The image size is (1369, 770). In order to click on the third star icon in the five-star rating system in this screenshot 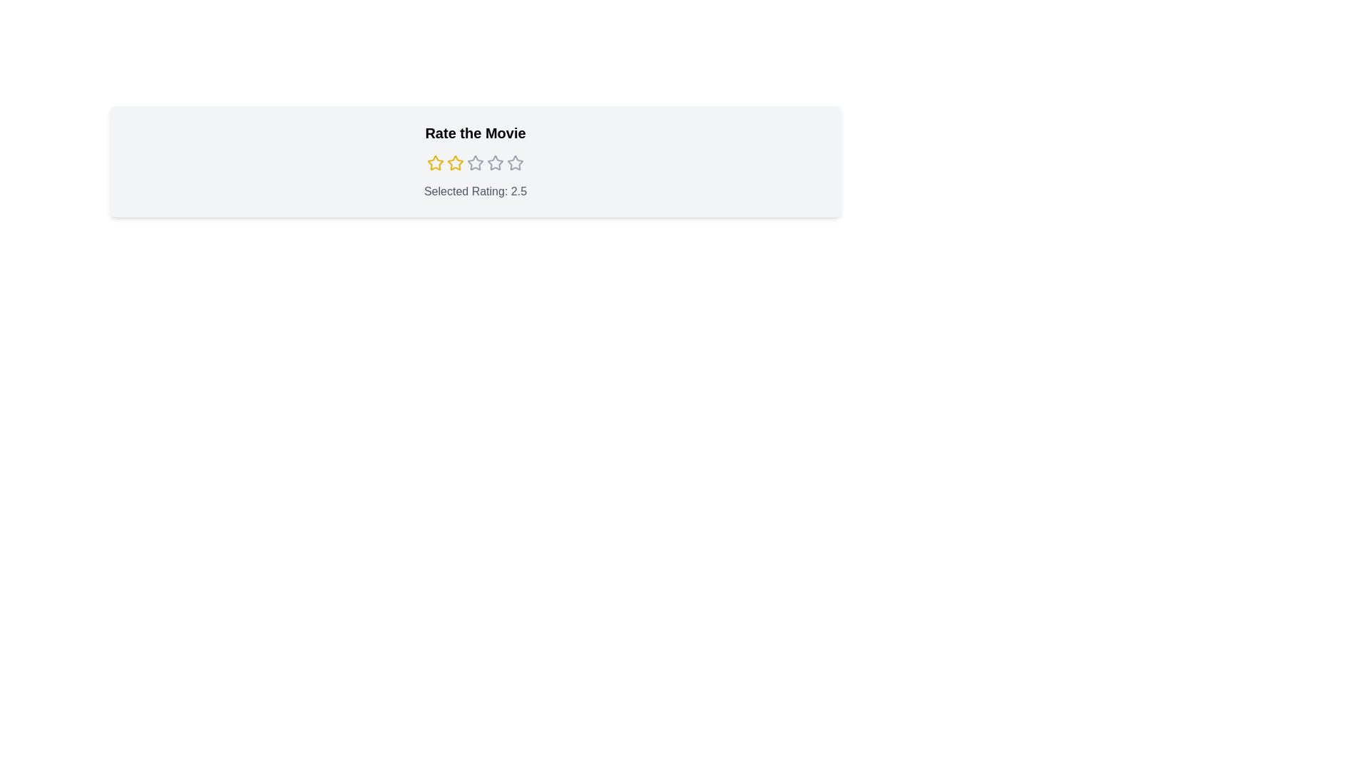, I will do `click(476, 162)`.